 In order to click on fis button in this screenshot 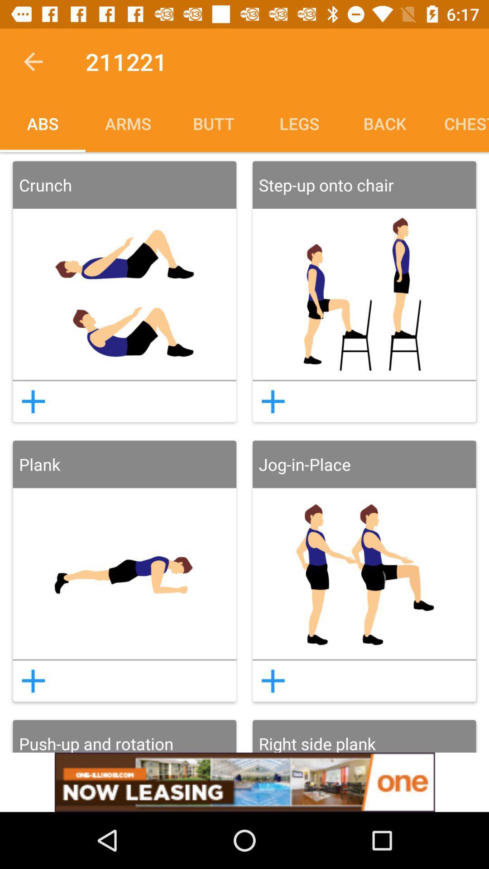, I will do `click(33, 681)`.